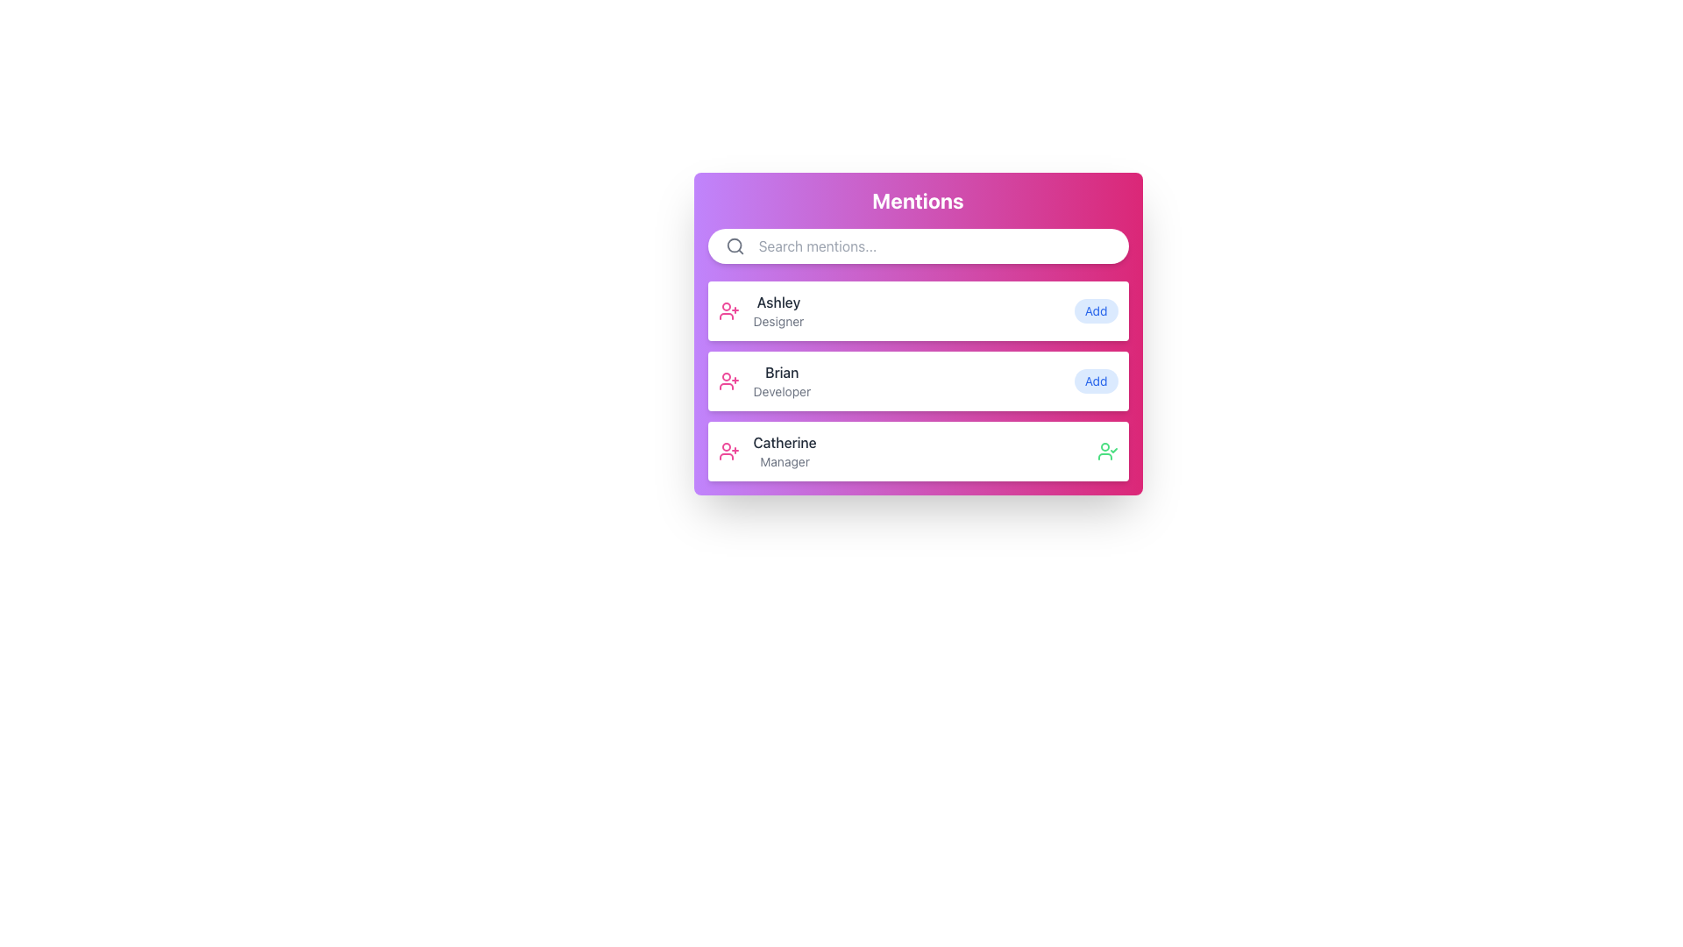  What do you see at coordinates (917, 206) in the screenshot?
I see `the prominent header text 'Mentions' styled in bold white font` at bounding box center [917, 206].